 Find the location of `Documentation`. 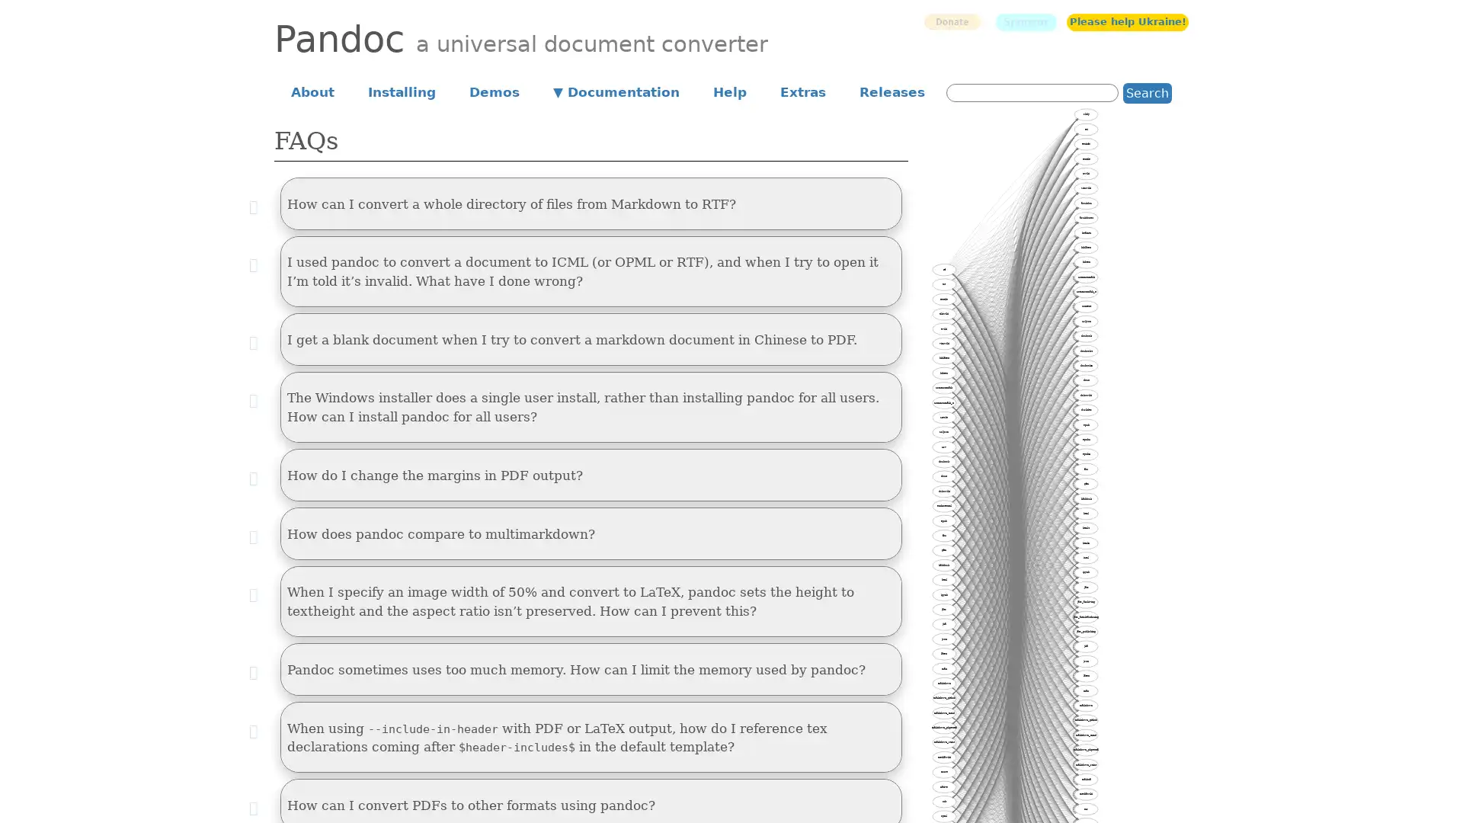

Documentation is located at coordinates (616, 91).